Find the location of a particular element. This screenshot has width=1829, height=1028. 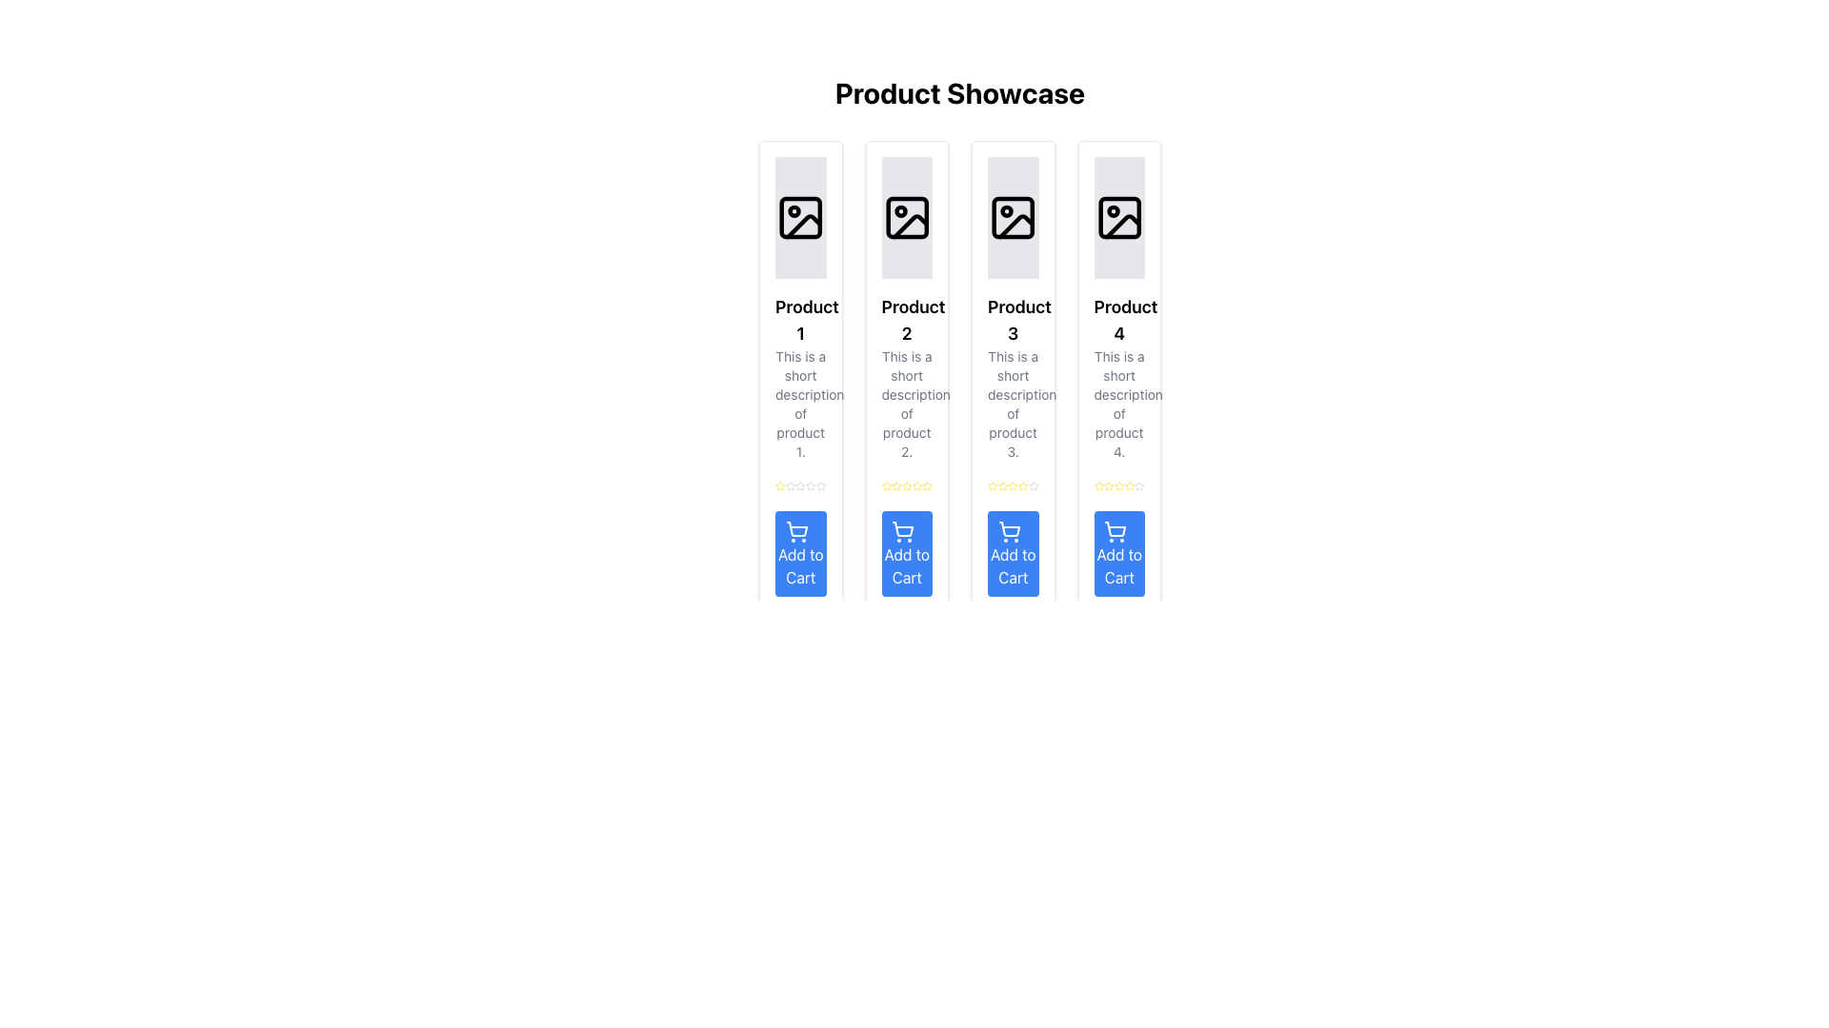

the star rating indicator associated with 'Product 3' to interact and provide a rating is located at coordinates (1011, 484).